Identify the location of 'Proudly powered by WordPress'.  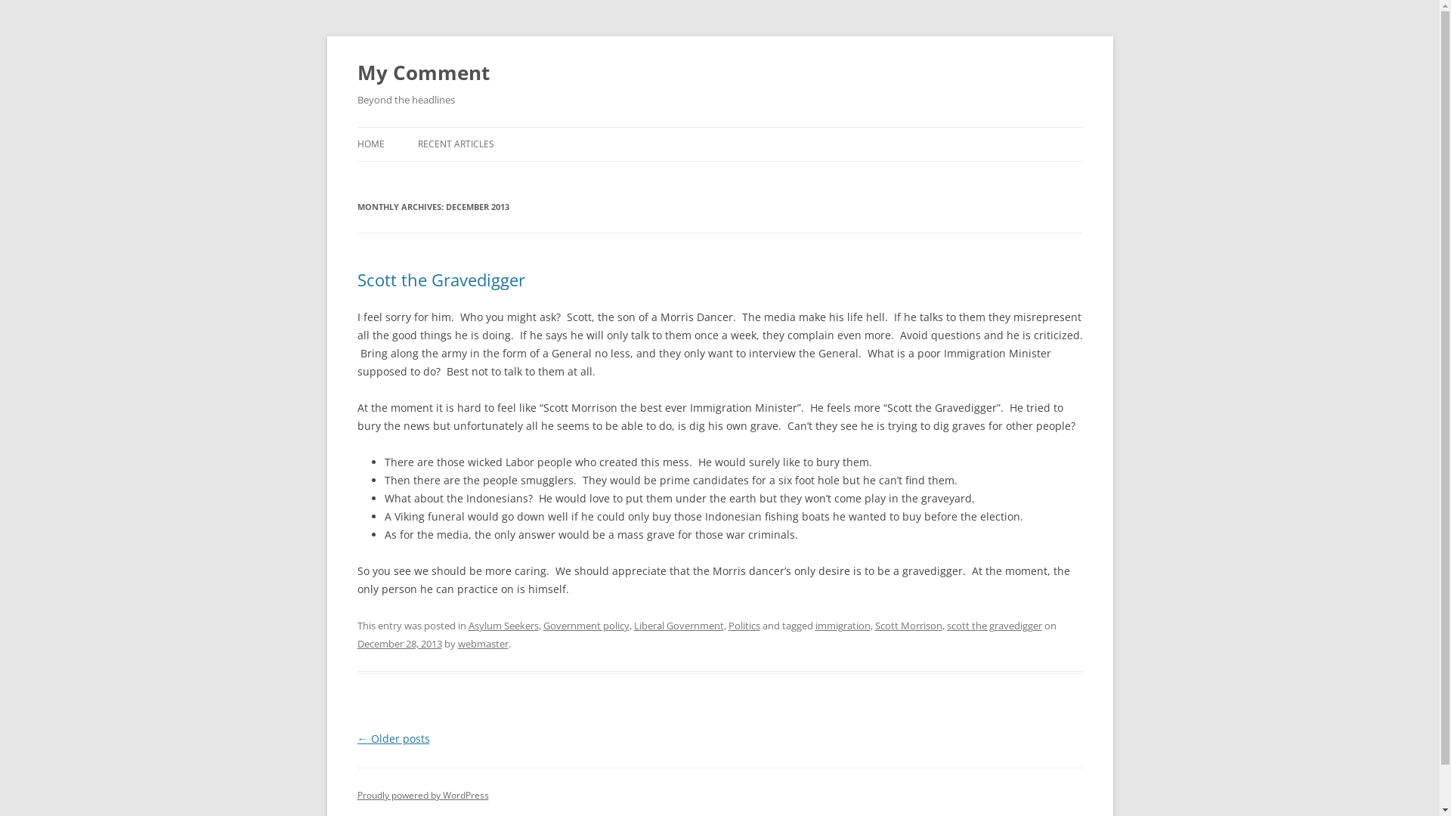
(355, 794).